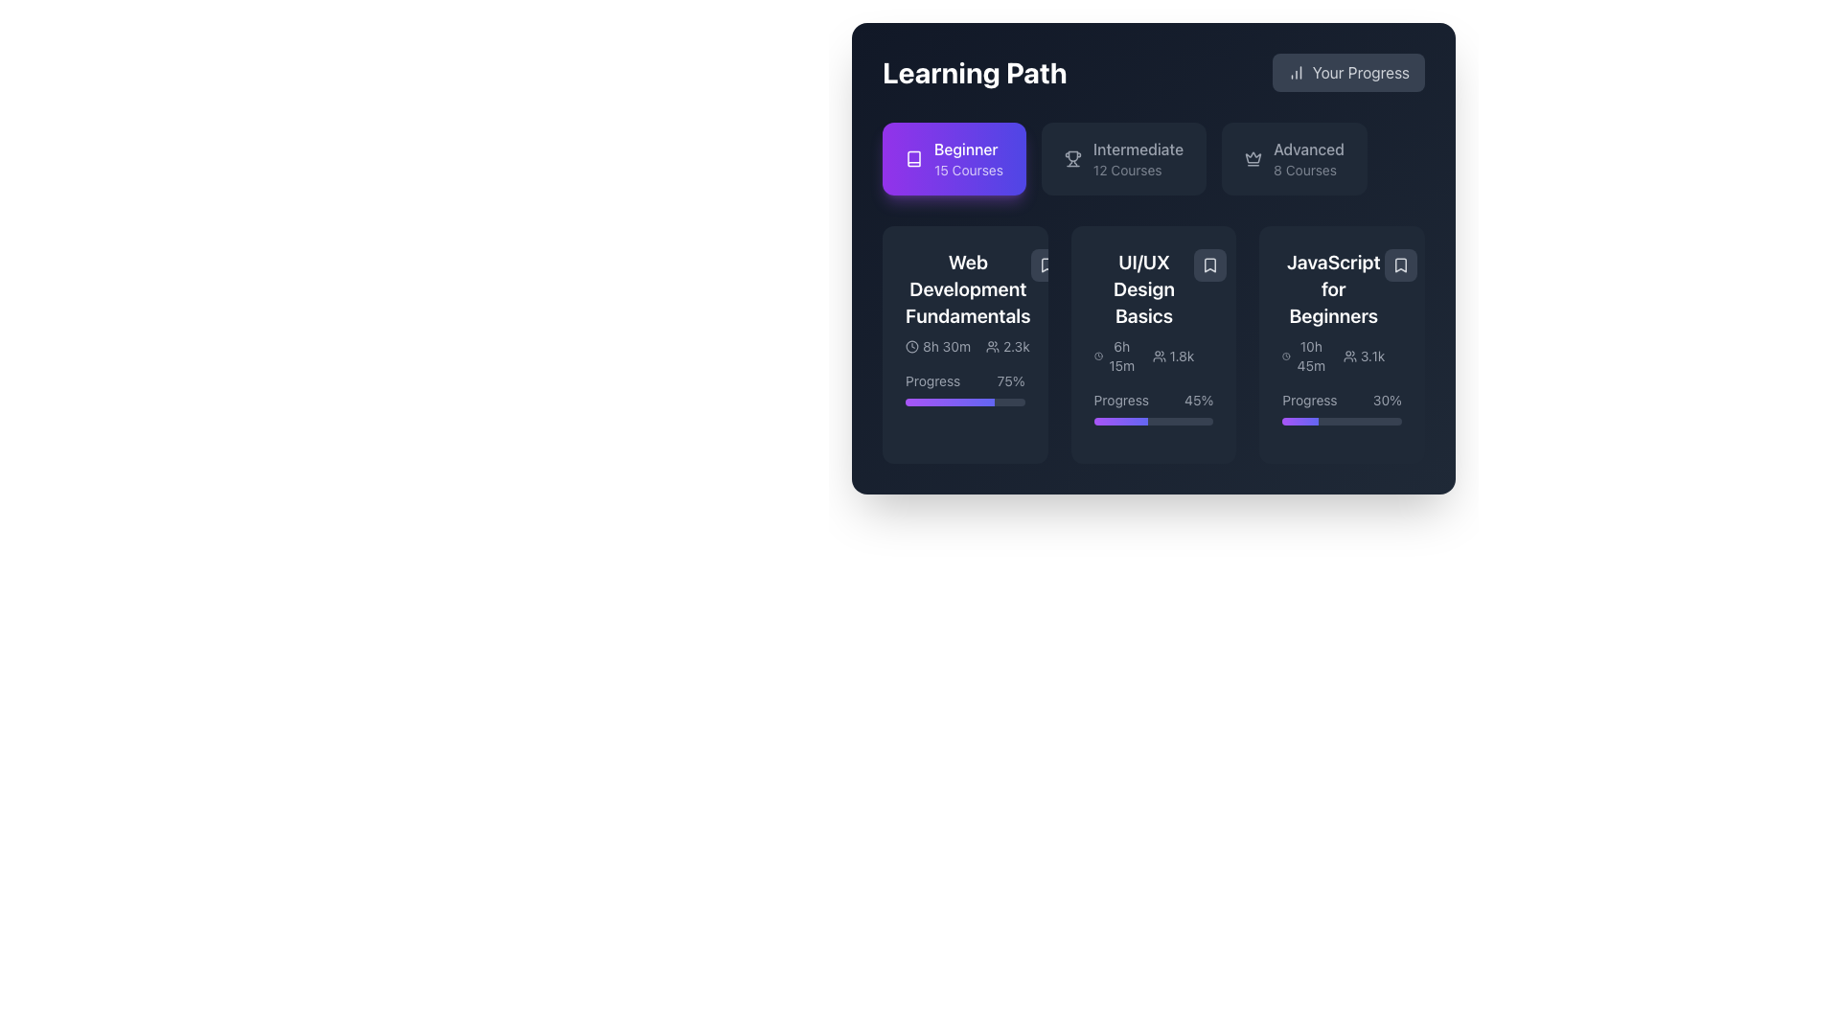  What do you see at coordinates (968, 288) in the screenshot?
I see `the heading text displaying 'Web Development Fundamentals' in the upper-left corner of the grid layout for the 'Beginner 15 Courses' section` at bounding box center [968, 288].